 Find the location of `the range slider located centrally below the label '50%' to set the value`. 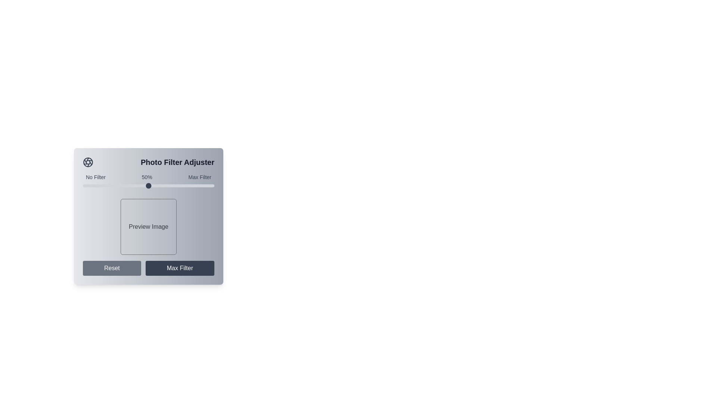

the range slider located centrally below the label '50%' to set the value is located at coordinates (149, 185).